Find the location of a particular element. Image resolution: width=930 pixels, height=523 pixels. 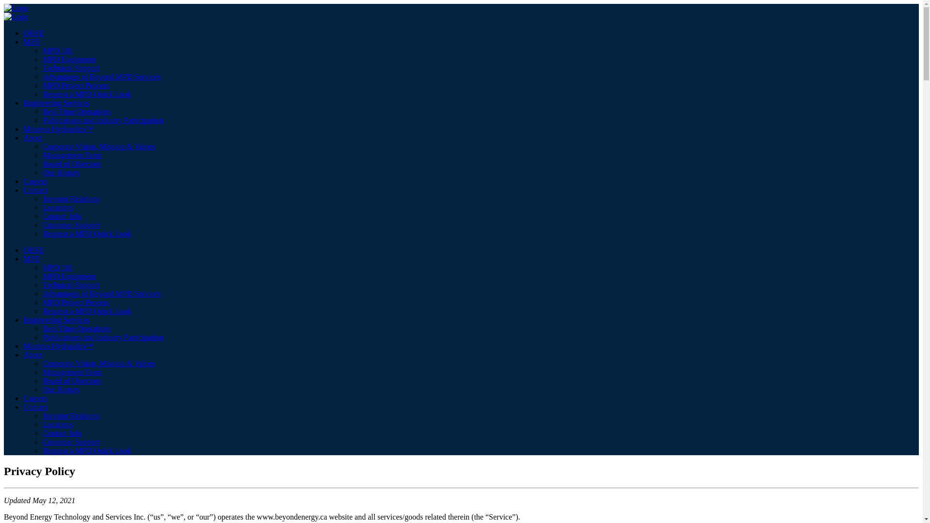

'Technical Support' is located at coordinates (70, 284).